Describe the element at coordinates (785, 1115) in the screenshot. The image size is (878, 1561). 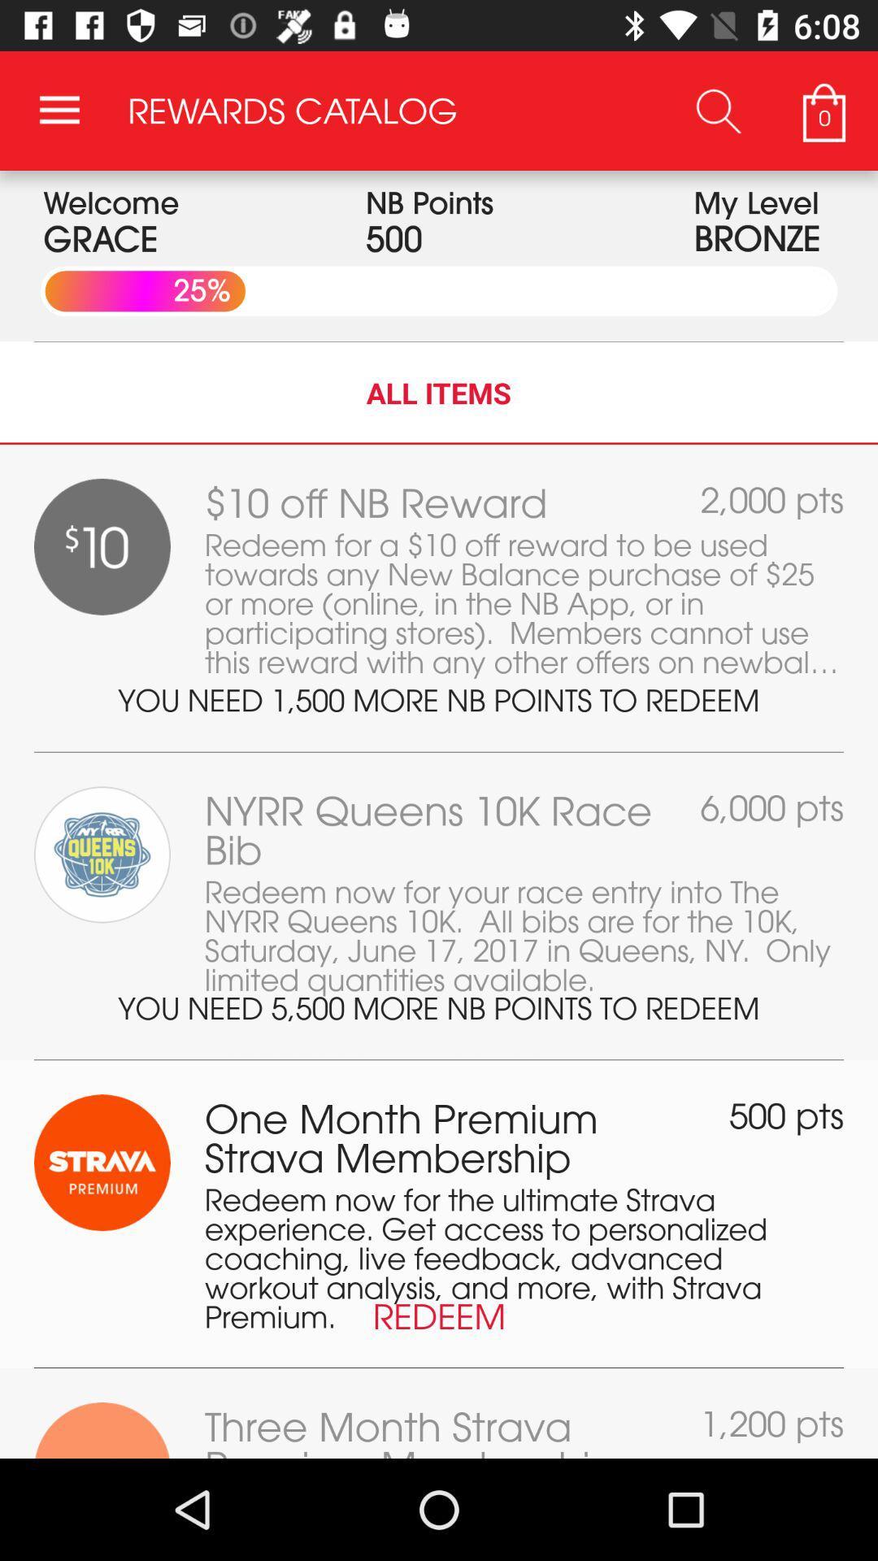
I see `the icon above the redeem now for` at that location.